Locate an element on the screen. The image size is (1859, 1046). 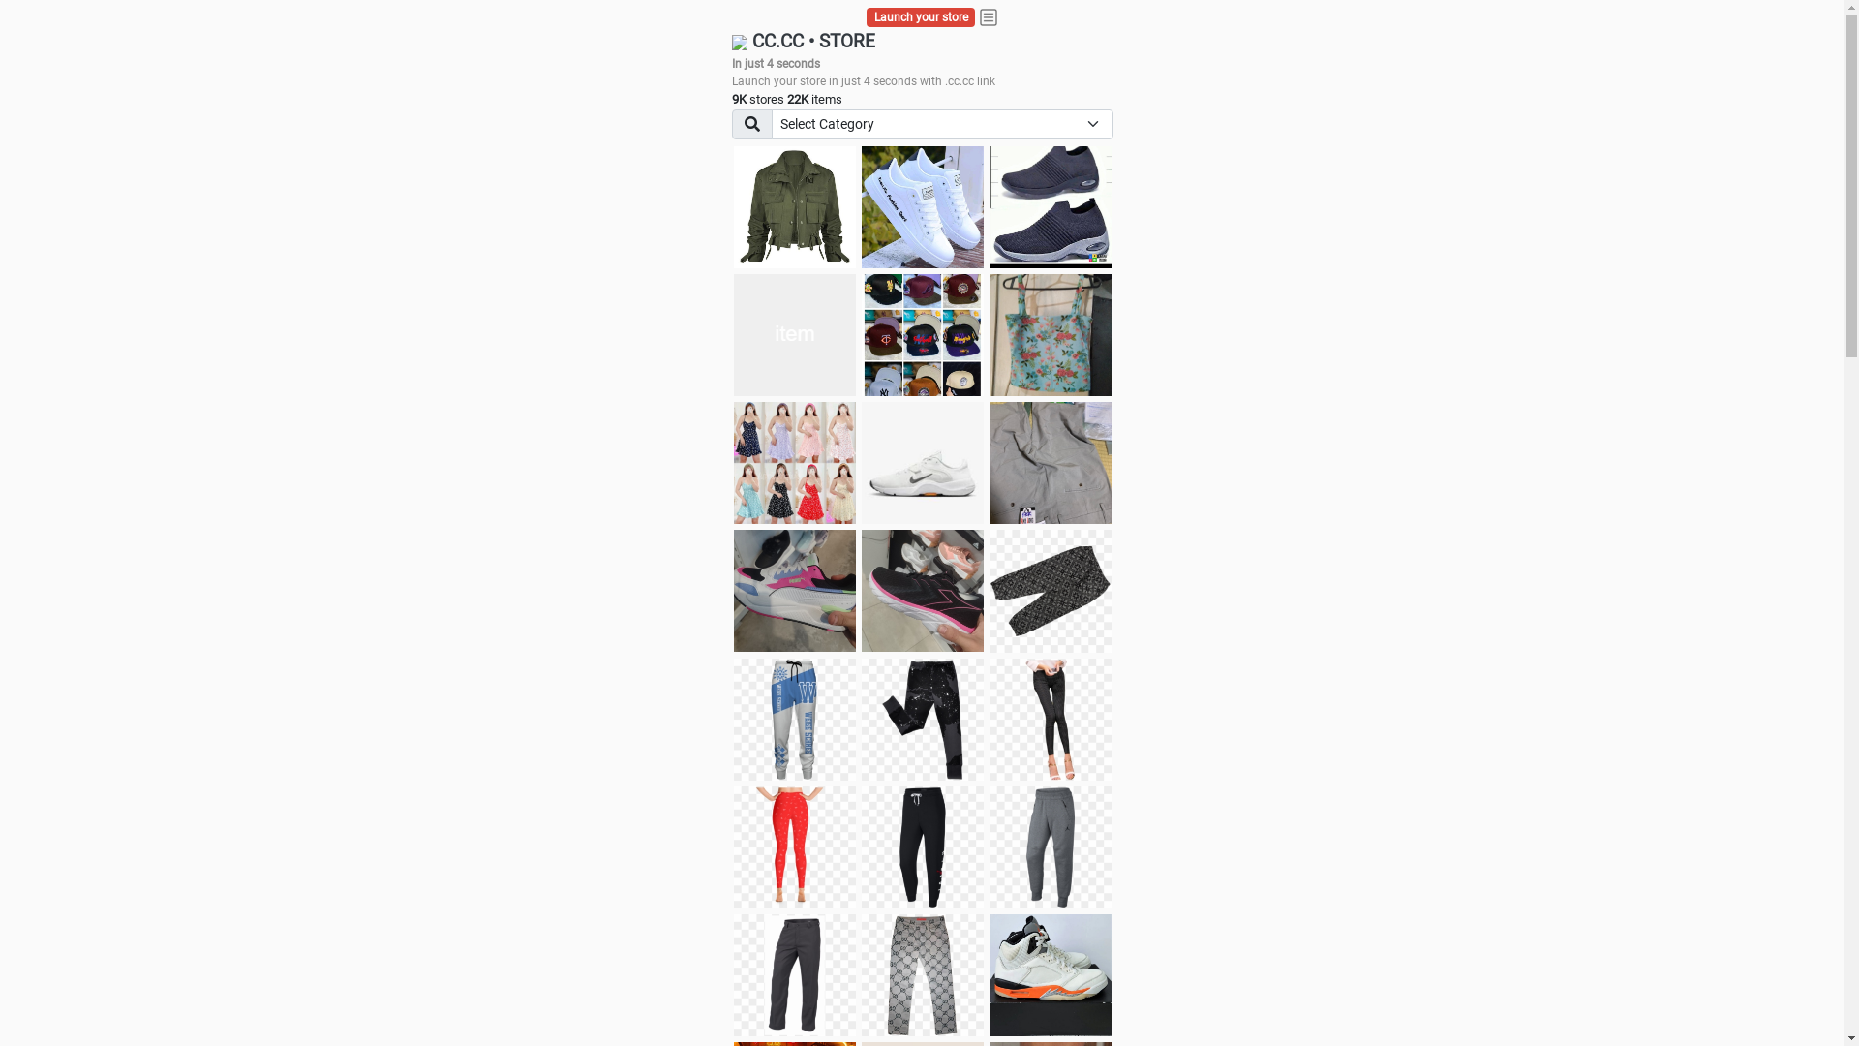
'Pant' is located at coordinates (794, 720).